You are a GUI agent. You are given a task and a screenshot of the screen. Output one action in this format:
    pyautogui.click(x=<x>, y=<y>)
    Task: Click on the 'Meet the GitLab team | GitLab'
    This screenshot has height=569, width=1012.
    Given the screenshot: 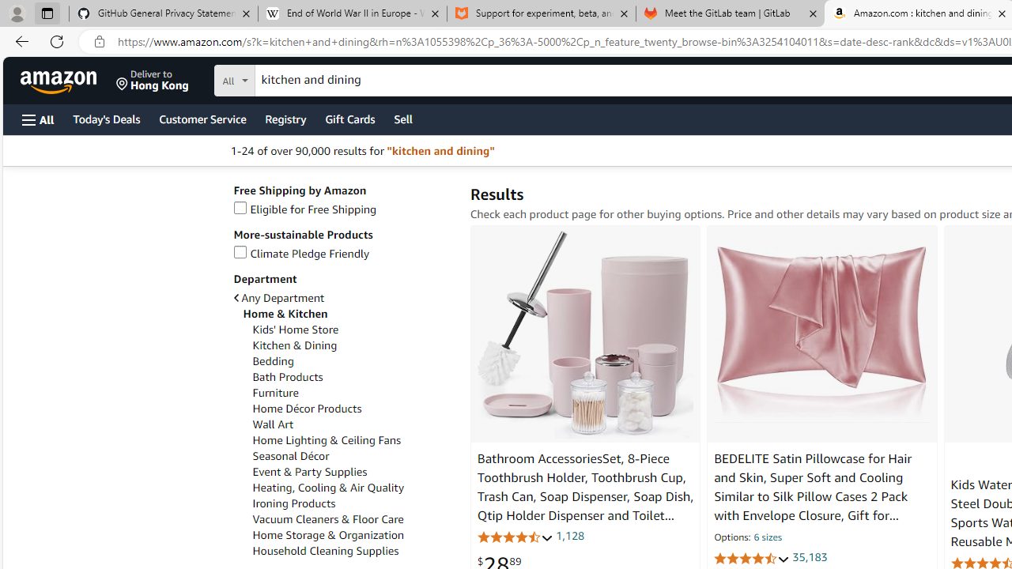 What is the action you would take?
    pyautogui.click(x=730, y=13)
    